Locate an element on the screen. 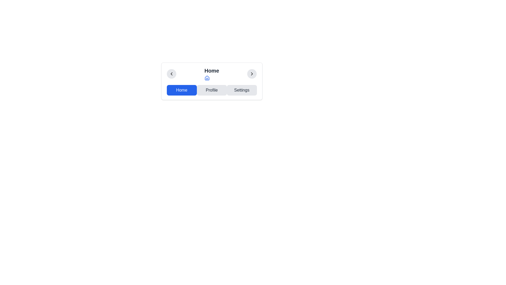  the navigation arrow icon located is located at coordinates (252, 74).